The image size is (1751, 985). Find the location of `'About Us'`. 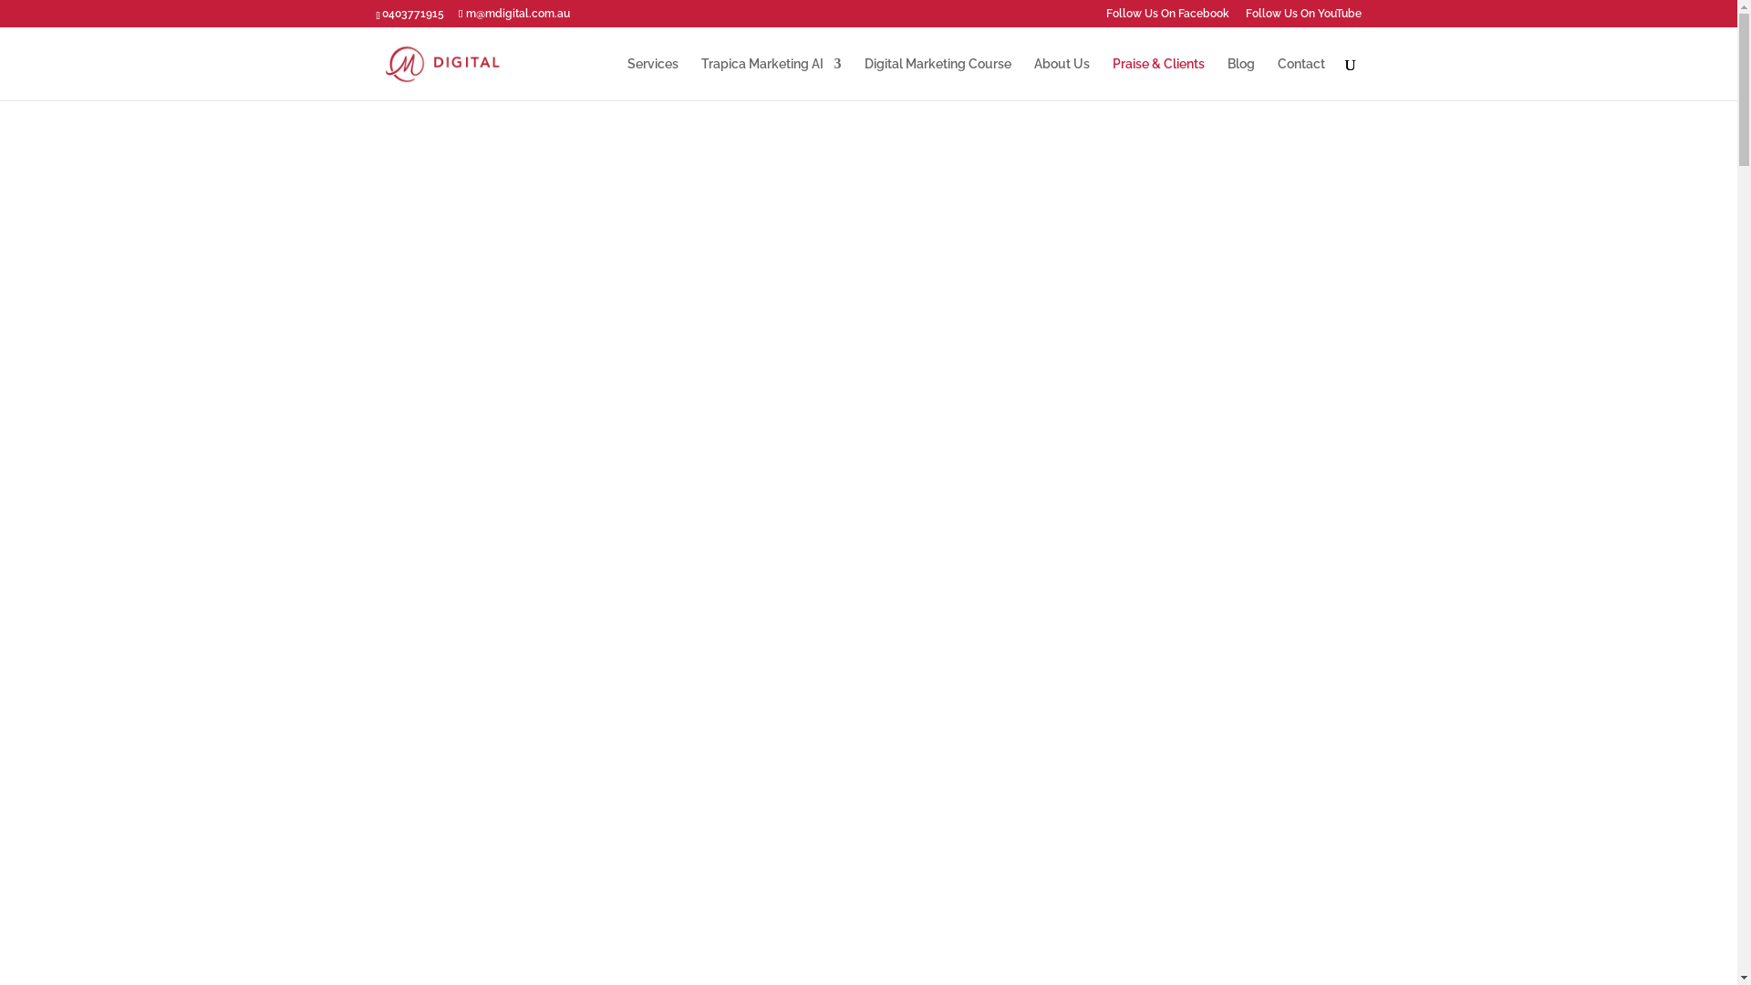

'About Us' is located at coordinates (1033, 78).